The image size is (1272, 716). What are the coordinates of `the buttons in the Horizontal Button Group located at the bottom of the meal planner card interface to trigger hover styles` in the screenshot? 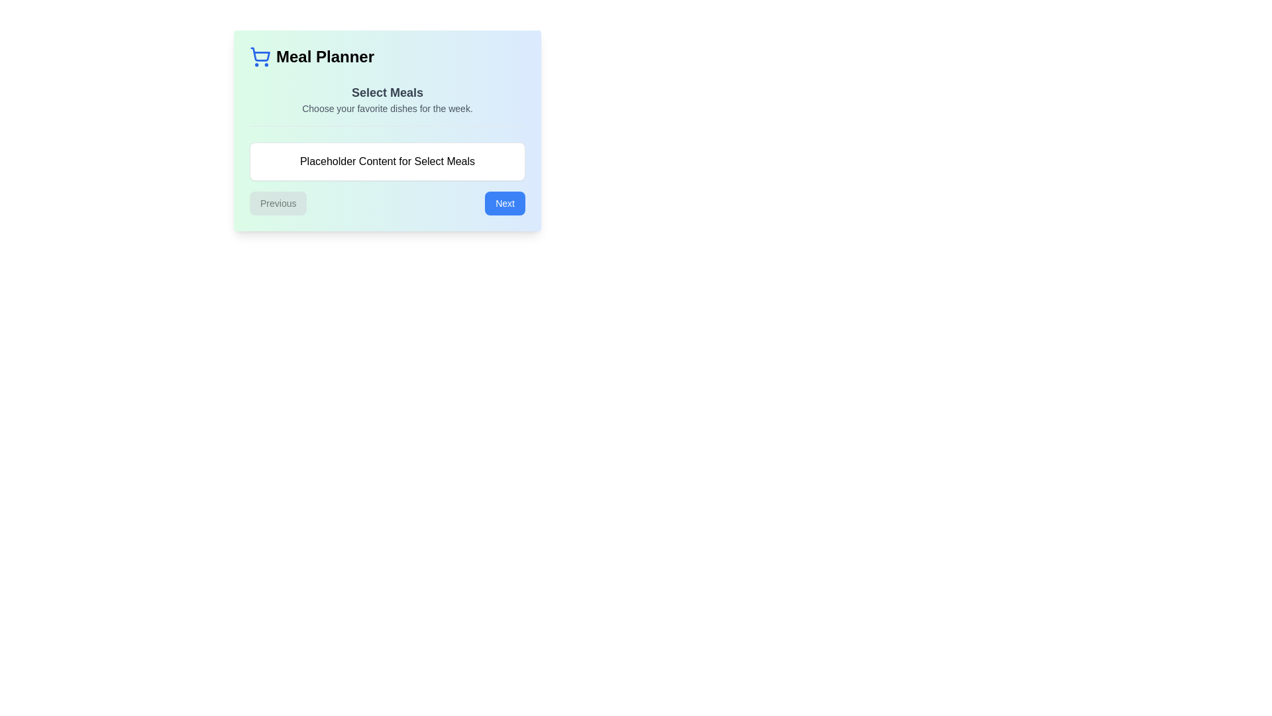 It's located at (387, 204).